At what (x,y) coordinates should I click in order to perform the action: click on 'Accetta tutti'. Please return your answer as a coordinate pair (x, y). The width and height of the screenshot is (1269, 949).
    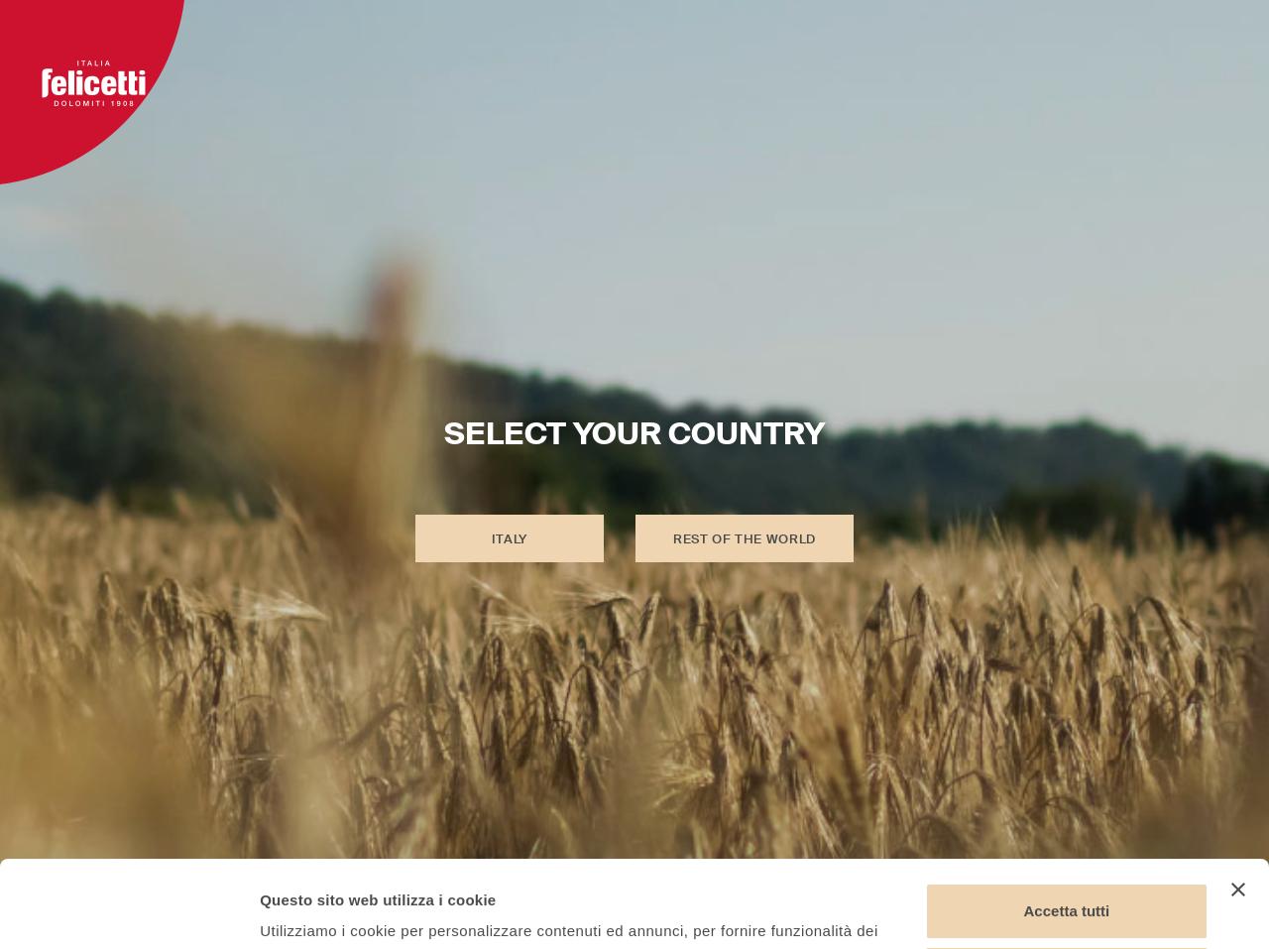
    Looking at the image, I should click on (1065, 780).